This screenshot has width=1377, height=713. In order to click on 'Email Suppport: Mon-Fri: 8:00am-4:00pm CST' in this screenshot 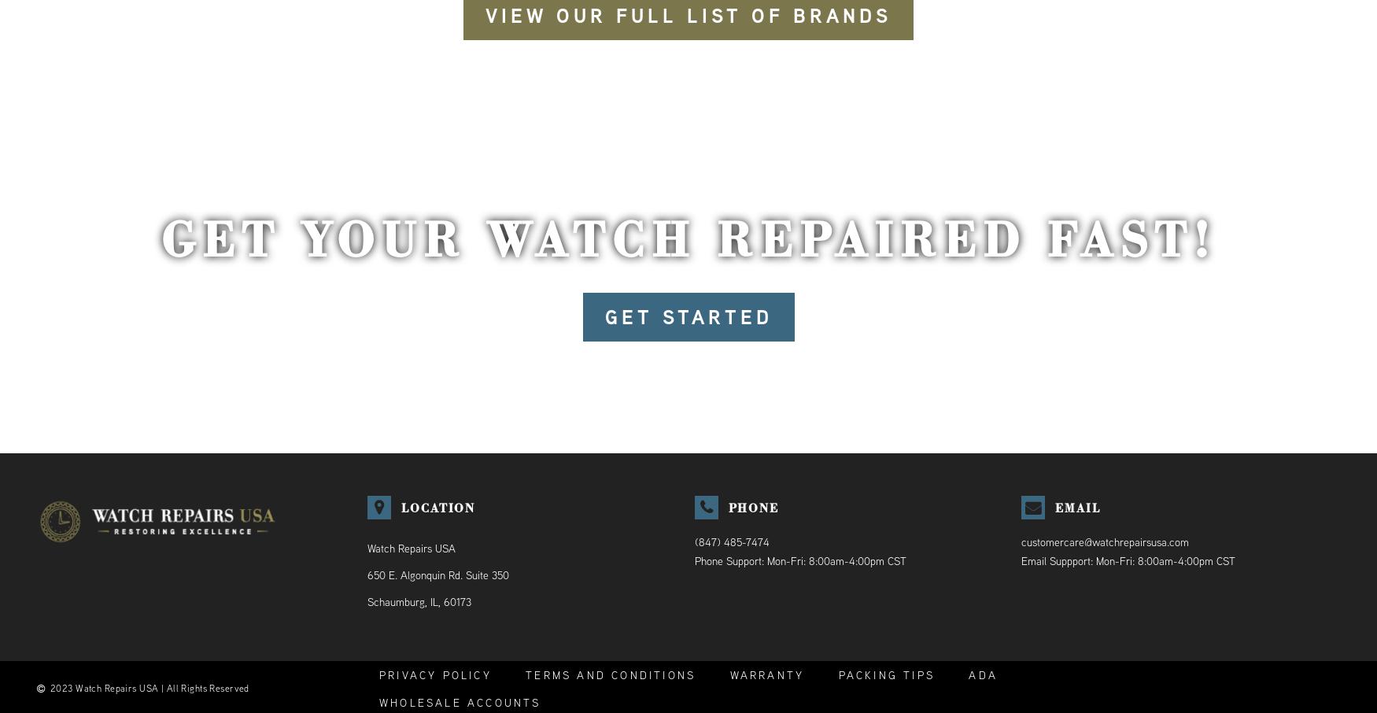, I will do `click(1127, 561)`.